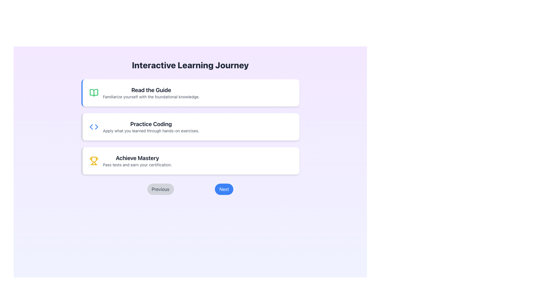 The height and width of the screenshot is (306, 545). What do you see at coordinates (94, 126) in the screenshot?
I see `the blue SVG icon represented by a pair of angle brackets ('<' and '>') located to the left of the 'Practice Coding' text in the second card` at bounding box center [94, 126].